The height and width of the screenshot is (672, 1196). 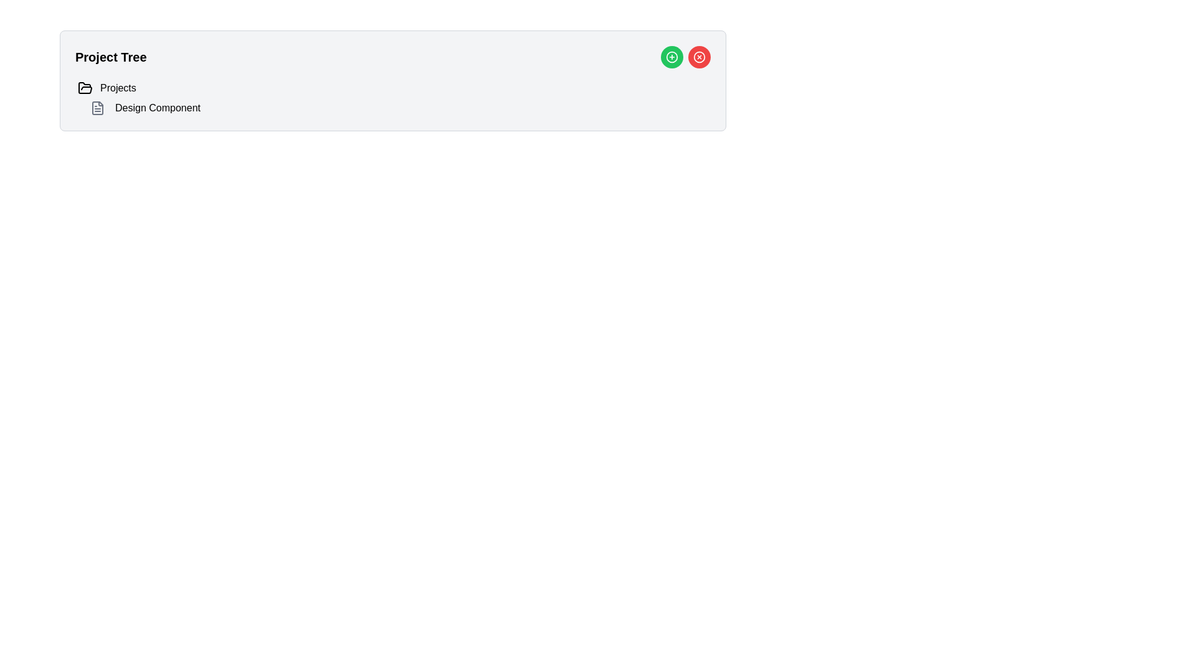 What do you see at coordinates (118, 88) in the screenshot?
I see `the 'Projects' text label, which is styled with a medium-weight font and positioned next to a folder icon in a project tree structure` at bounding box center [118, 88].